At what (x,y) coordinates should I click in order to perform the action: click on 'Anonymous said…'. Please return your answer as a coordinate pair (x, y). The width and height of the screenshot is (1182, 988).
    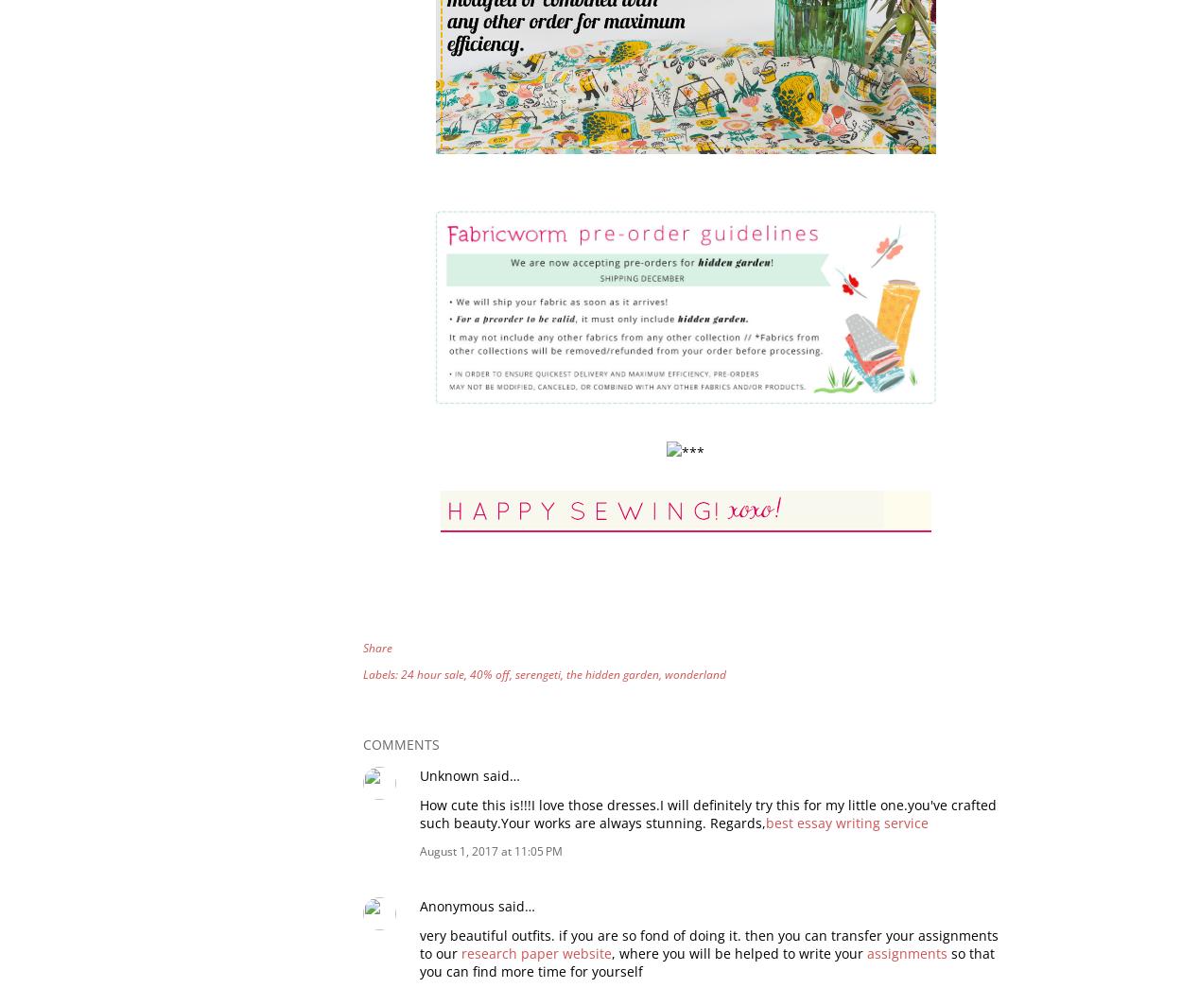
    Looking at the image, I should click on (419, 904).